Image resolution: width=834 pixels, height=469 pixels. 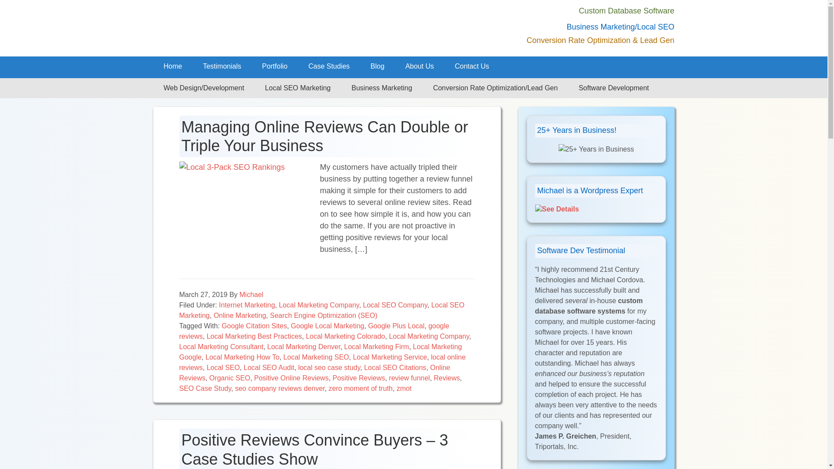 What do you see at coordinates (557, 209) in the screenshot?
I see `'See Details'` at bounding box center [557, 209].